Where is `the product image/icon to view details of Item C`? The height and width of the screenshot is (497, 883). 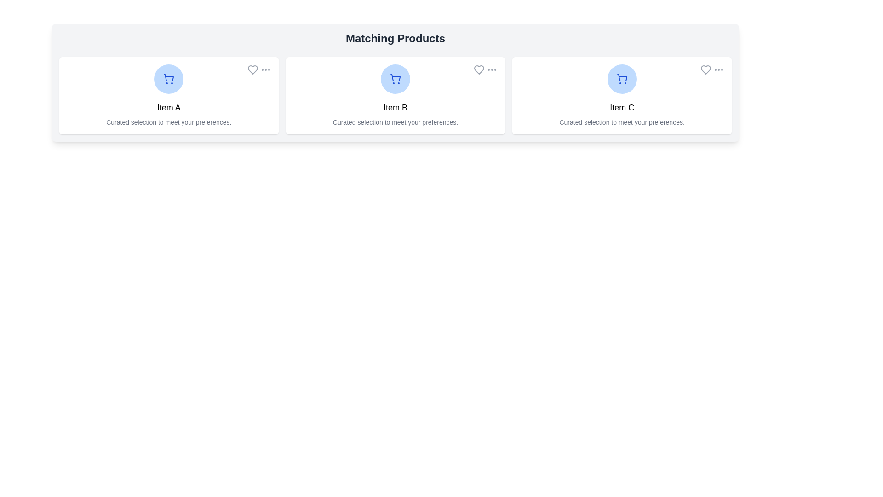
the product image/icon to view details of Item C is located at coordinates (622, 79).